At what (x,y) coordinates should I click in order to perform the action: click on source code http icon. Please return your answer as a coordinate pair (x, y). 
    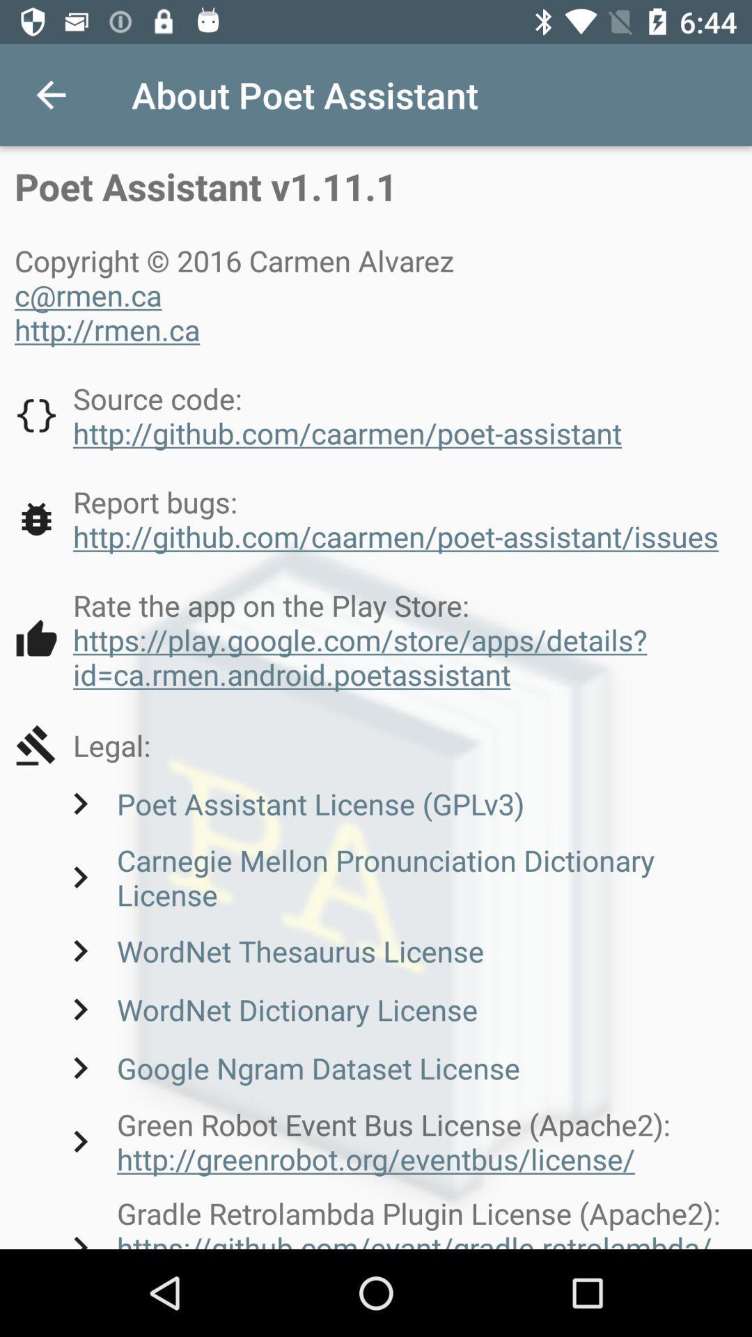
    Looking at the image, I should click on (318, 414).